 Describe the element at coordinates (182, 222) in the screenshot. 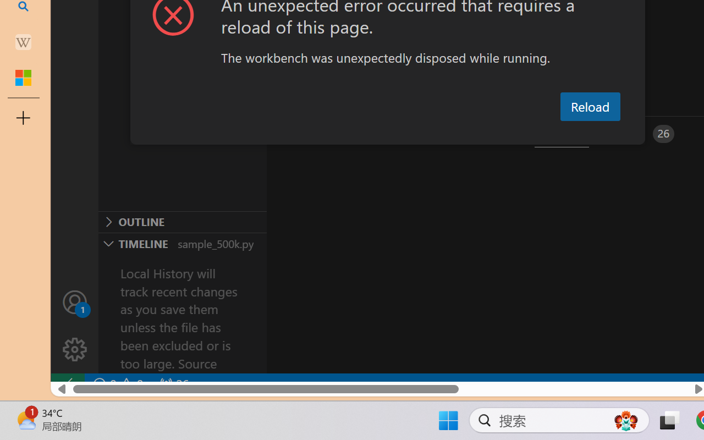

I see `'Outline Section'` at that location.